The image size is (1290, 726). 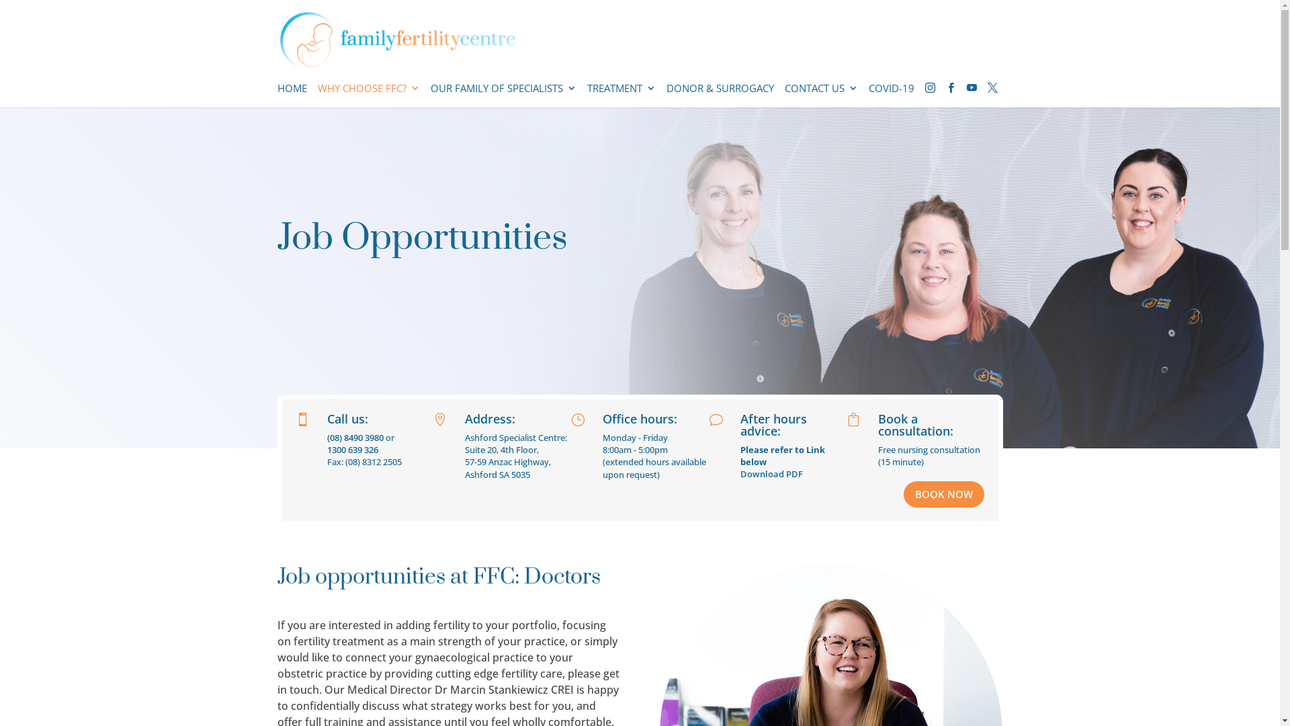 What do you see at coordinates (355, 438) in the screenshot?
I see `'(08) 8490 3980'` at bounding box center [355, 438].